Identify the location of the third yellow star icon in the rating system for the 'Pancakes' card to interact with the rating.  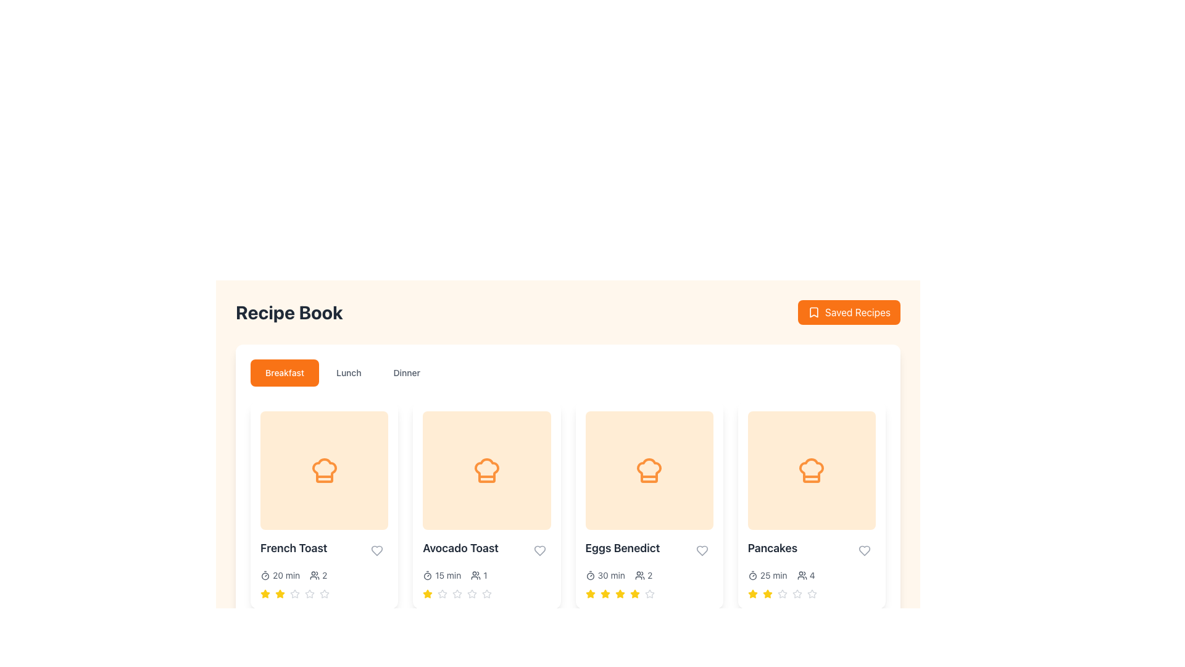
(767, 593).